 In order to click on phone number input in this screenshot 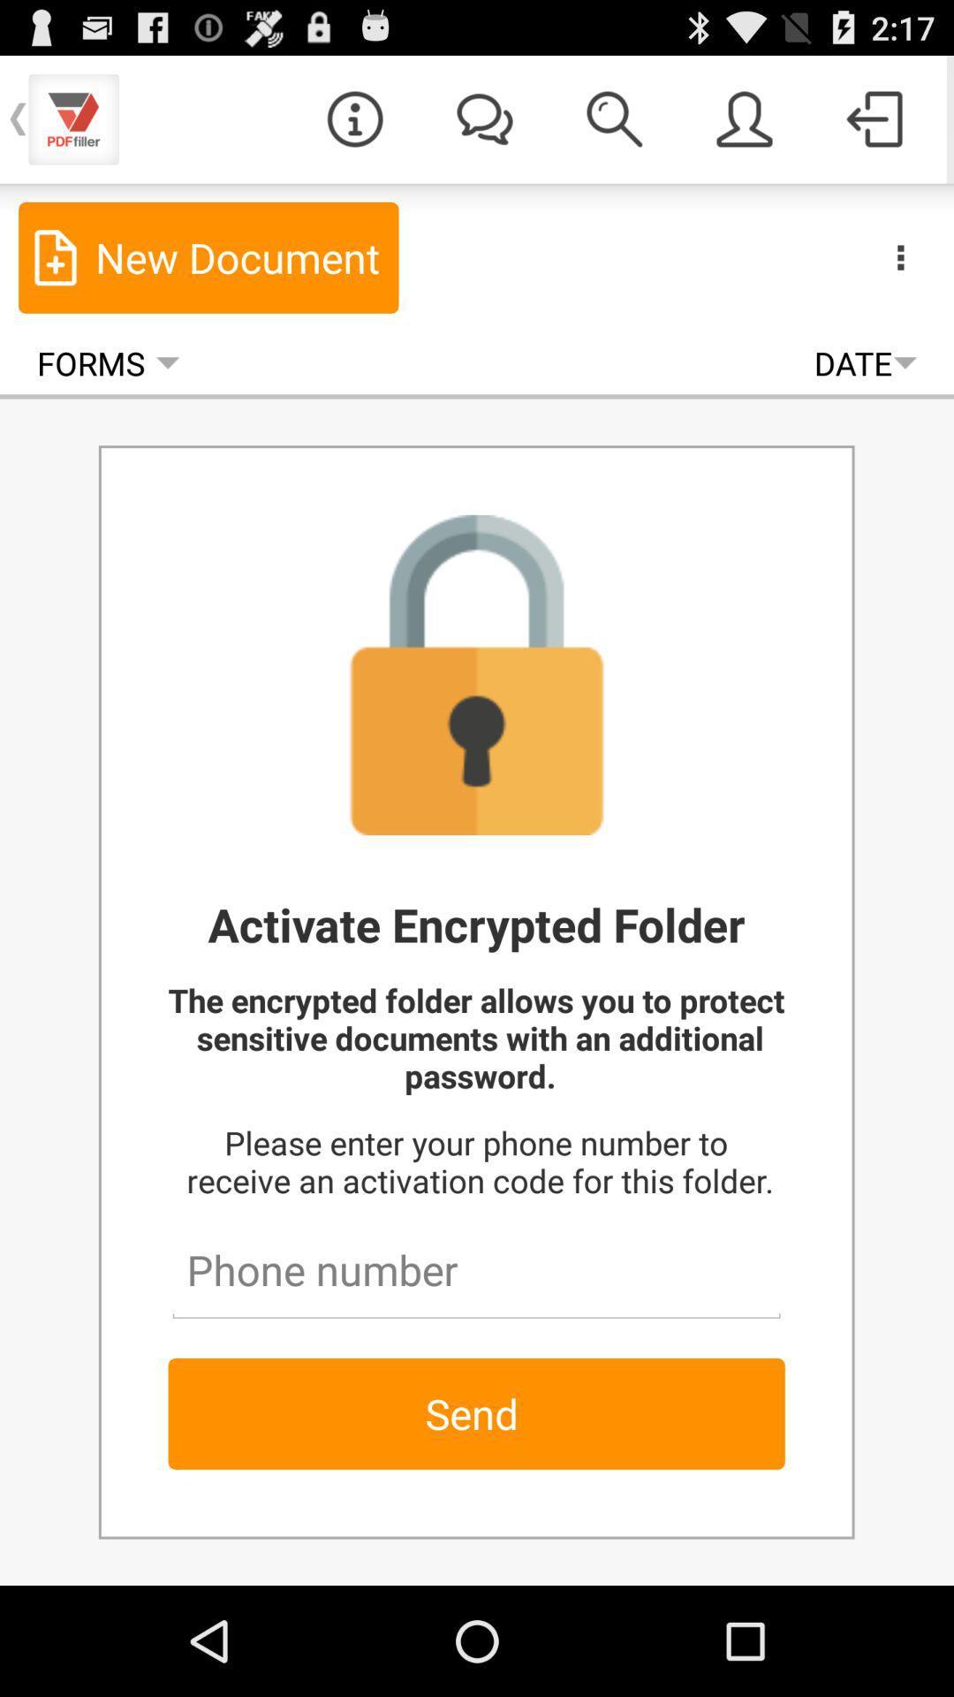, I will do `click(475, 1261)`.